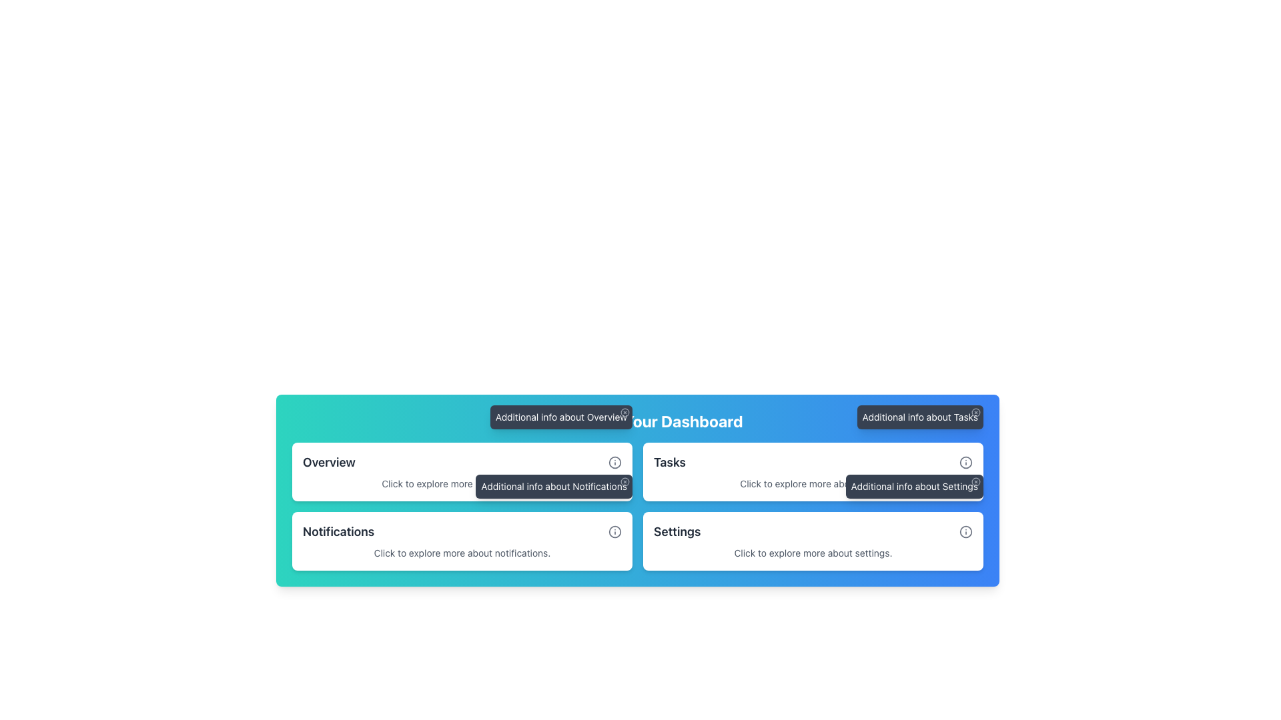  What do you see at coordinates (976, 481) in the screenshot?
I see `the circular graphic component in the upper-right corner of the tooltip labeled 'Additional info about Settings'` at bounding box center [976, 481].